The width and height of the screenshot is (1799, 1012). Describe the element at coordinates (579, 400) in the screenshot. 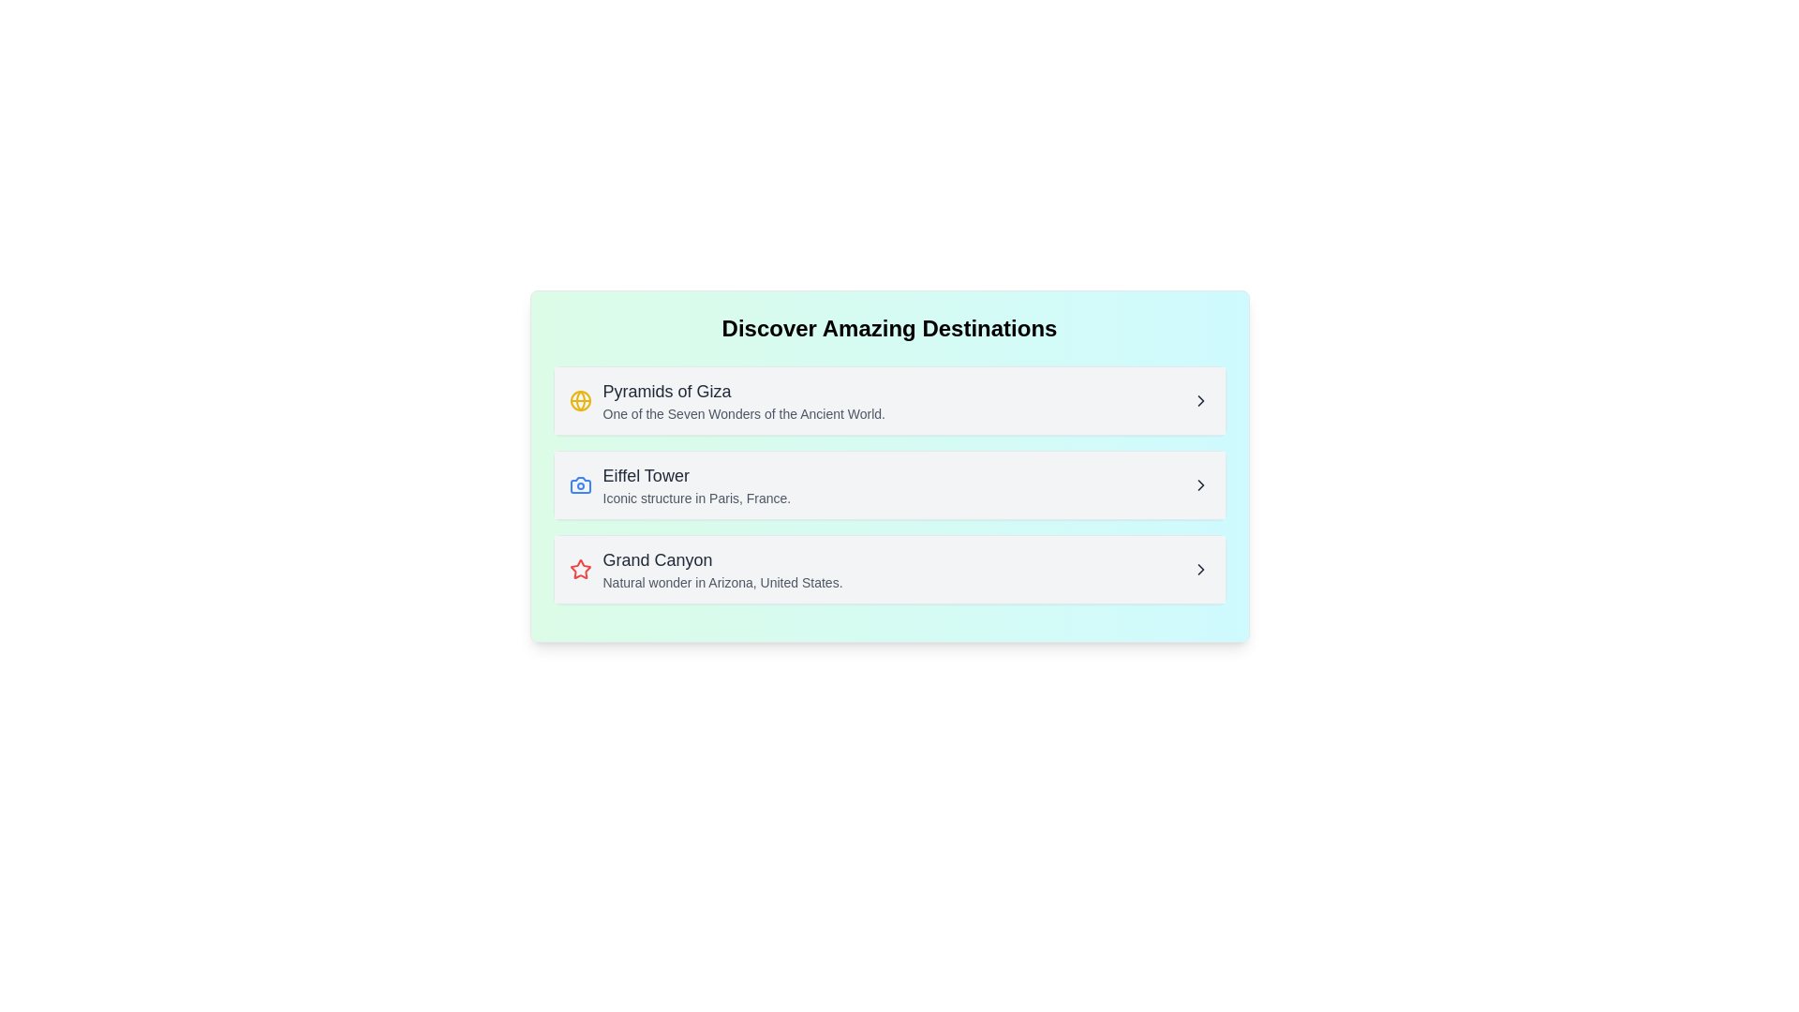

I see `the yellow circular element at the center of the globe icon adjacent to the 'Pyramids of Giza' text label` at that location.